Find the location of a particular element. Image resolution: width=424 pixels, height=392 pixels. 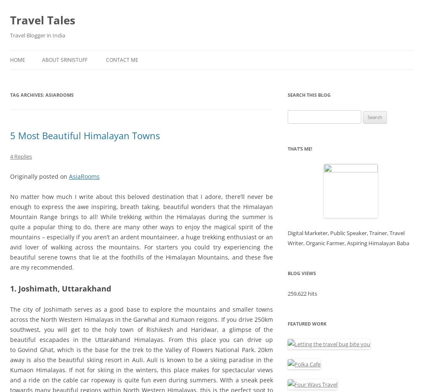

'Contact Me' is located at coordinates (106, 59).